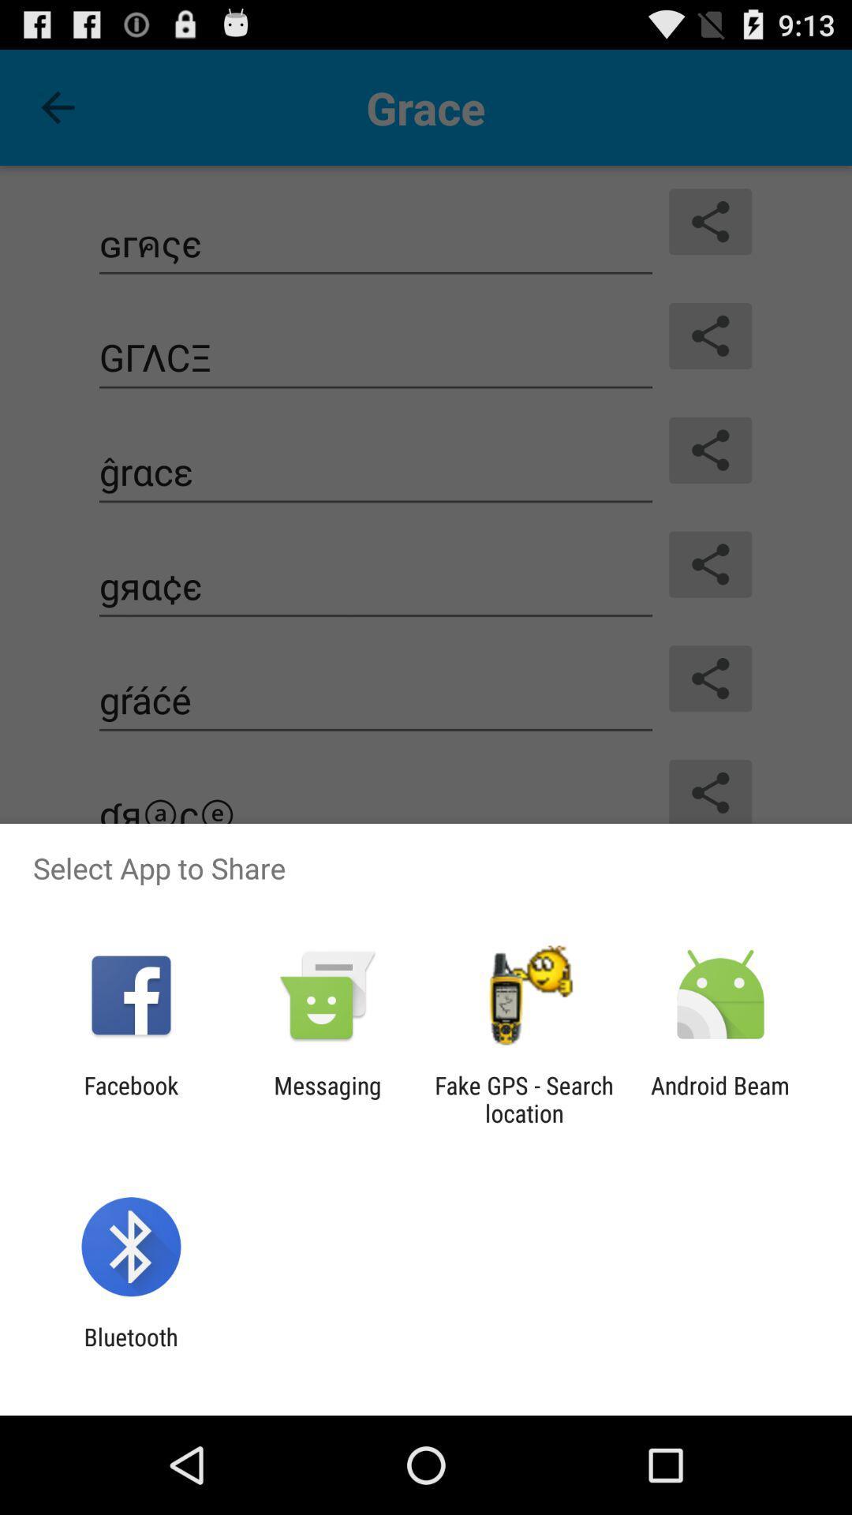  What do you see at coordinates (720, 1098) in the screenshot?
I see `the android beam app` at bounding box center [720, 1098].